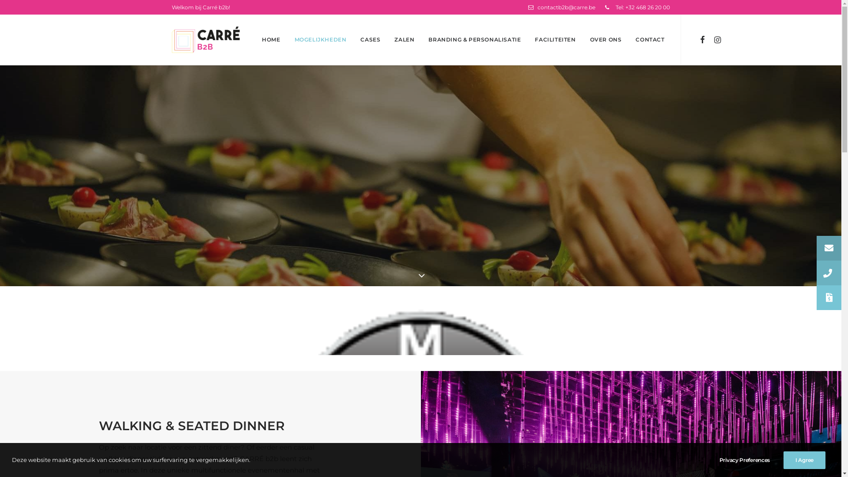 The height and width of the screenshot is (477, 848). I want to click on 'ZALEN', so click(388, 39).